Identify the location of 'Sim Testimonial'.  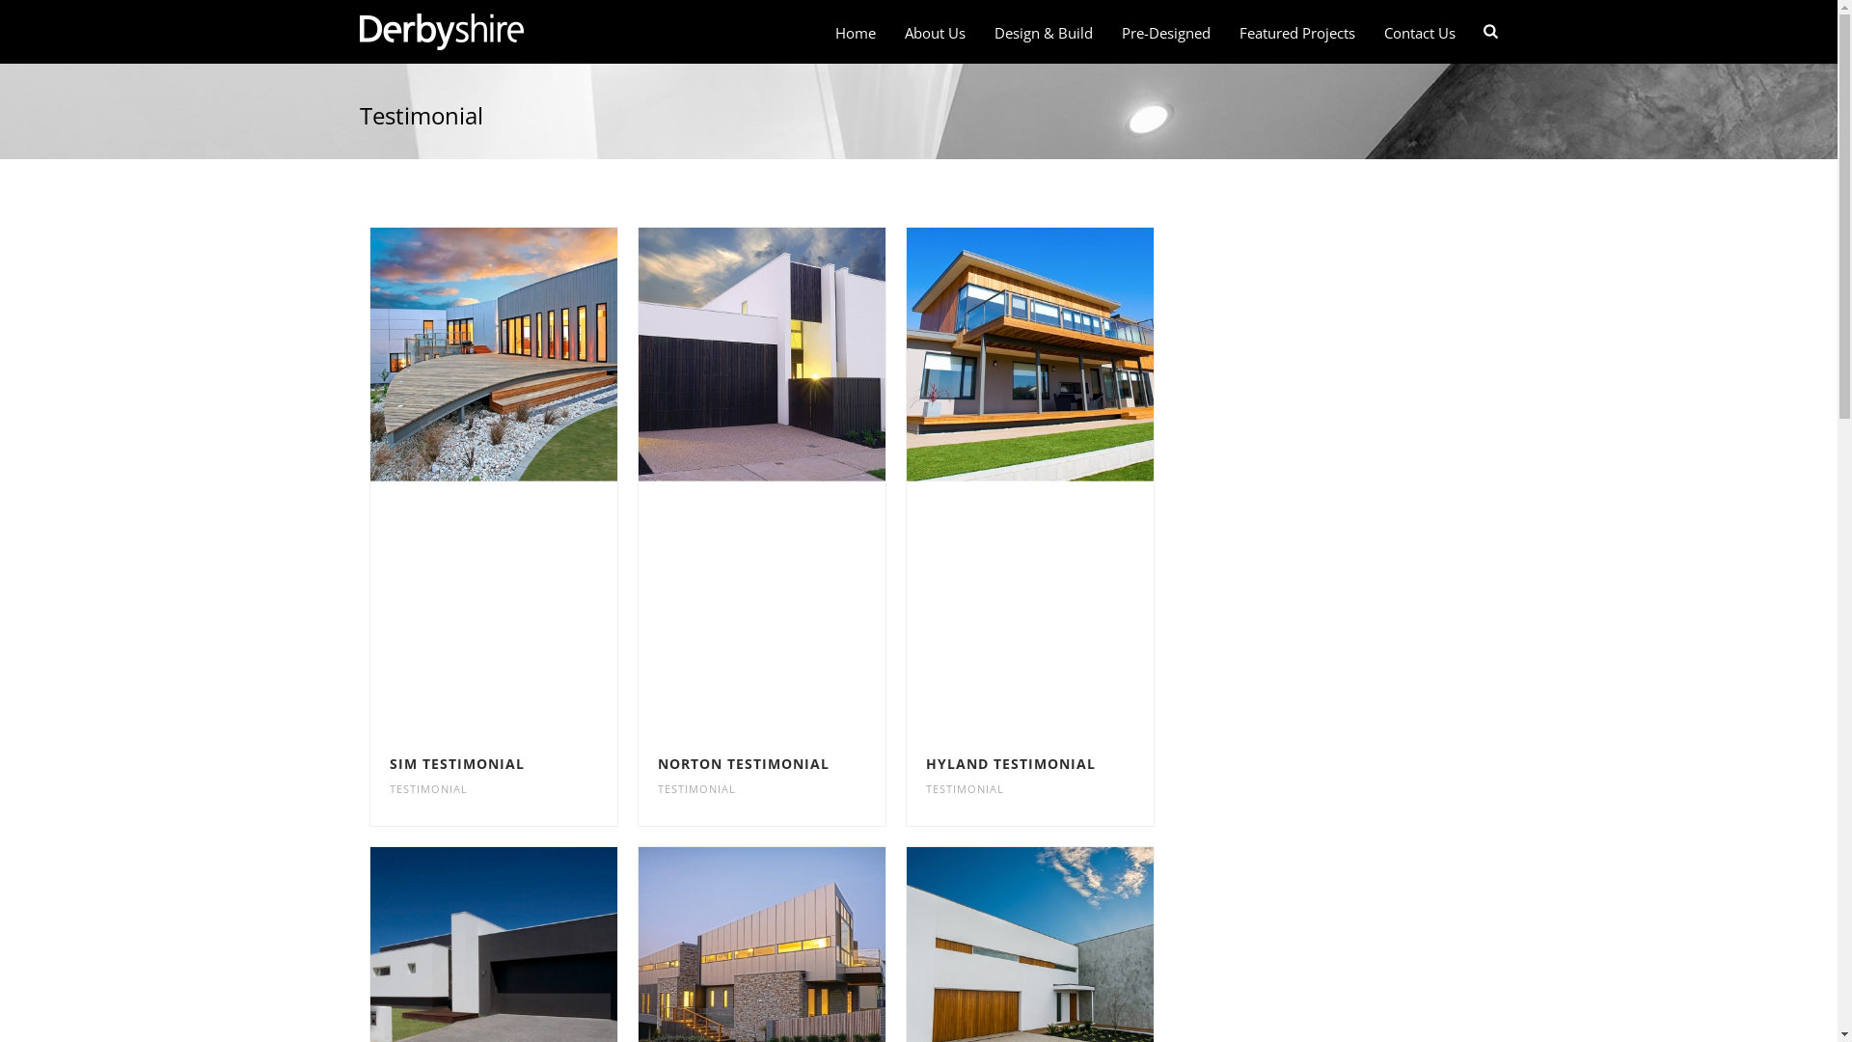
(492, 353).